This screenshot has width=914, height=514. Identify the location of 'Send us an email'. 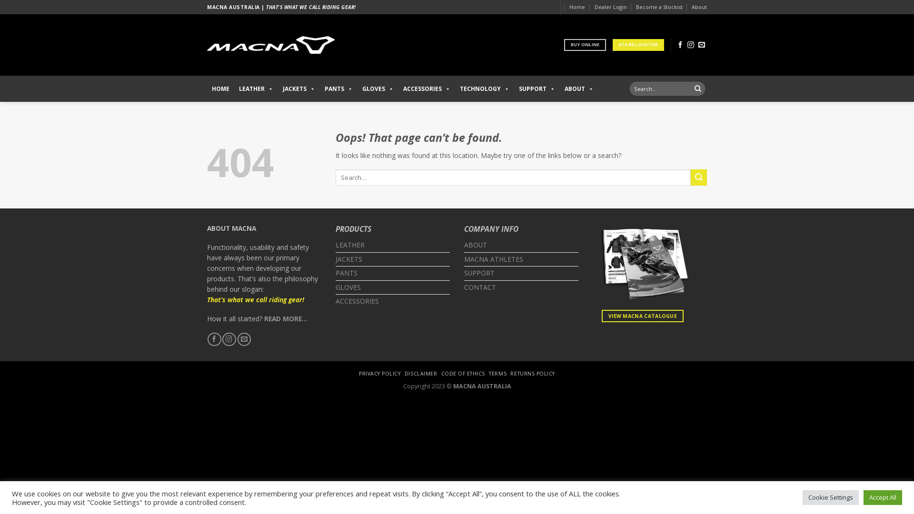
(244, 339).